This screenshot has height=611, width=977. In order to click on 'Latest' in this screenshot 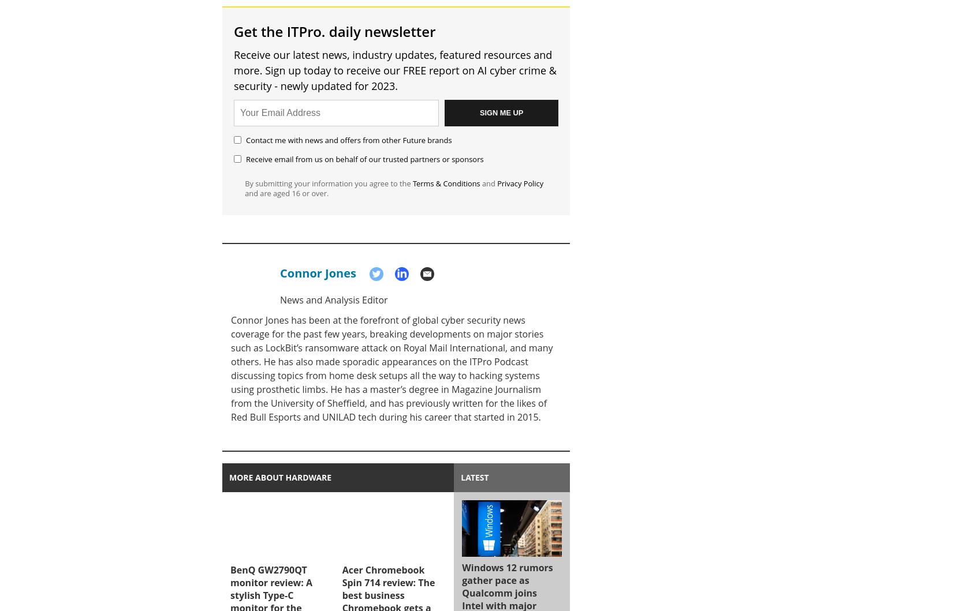, I will do `click(474, 477)`.